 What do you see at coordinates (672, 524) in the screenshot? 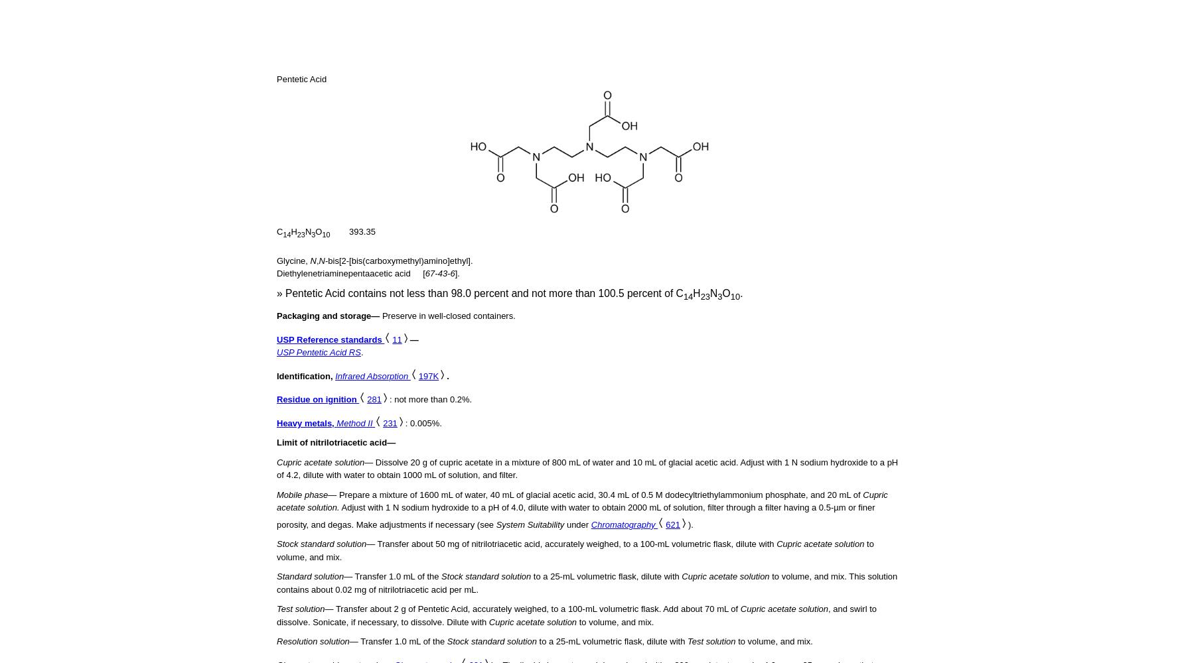
I see `'621'` at bounding box center [672, 524].